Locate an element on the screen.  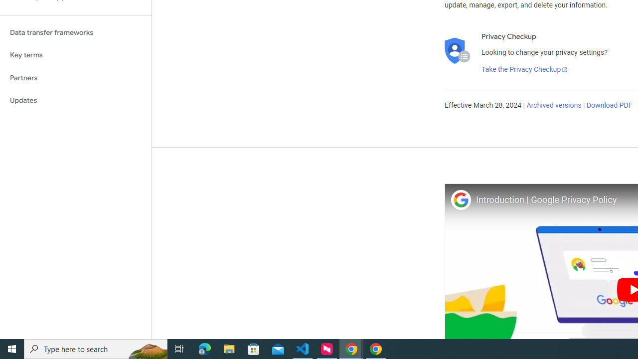
'Take the Privacy Checkup' is located at coordinates (524, 69).